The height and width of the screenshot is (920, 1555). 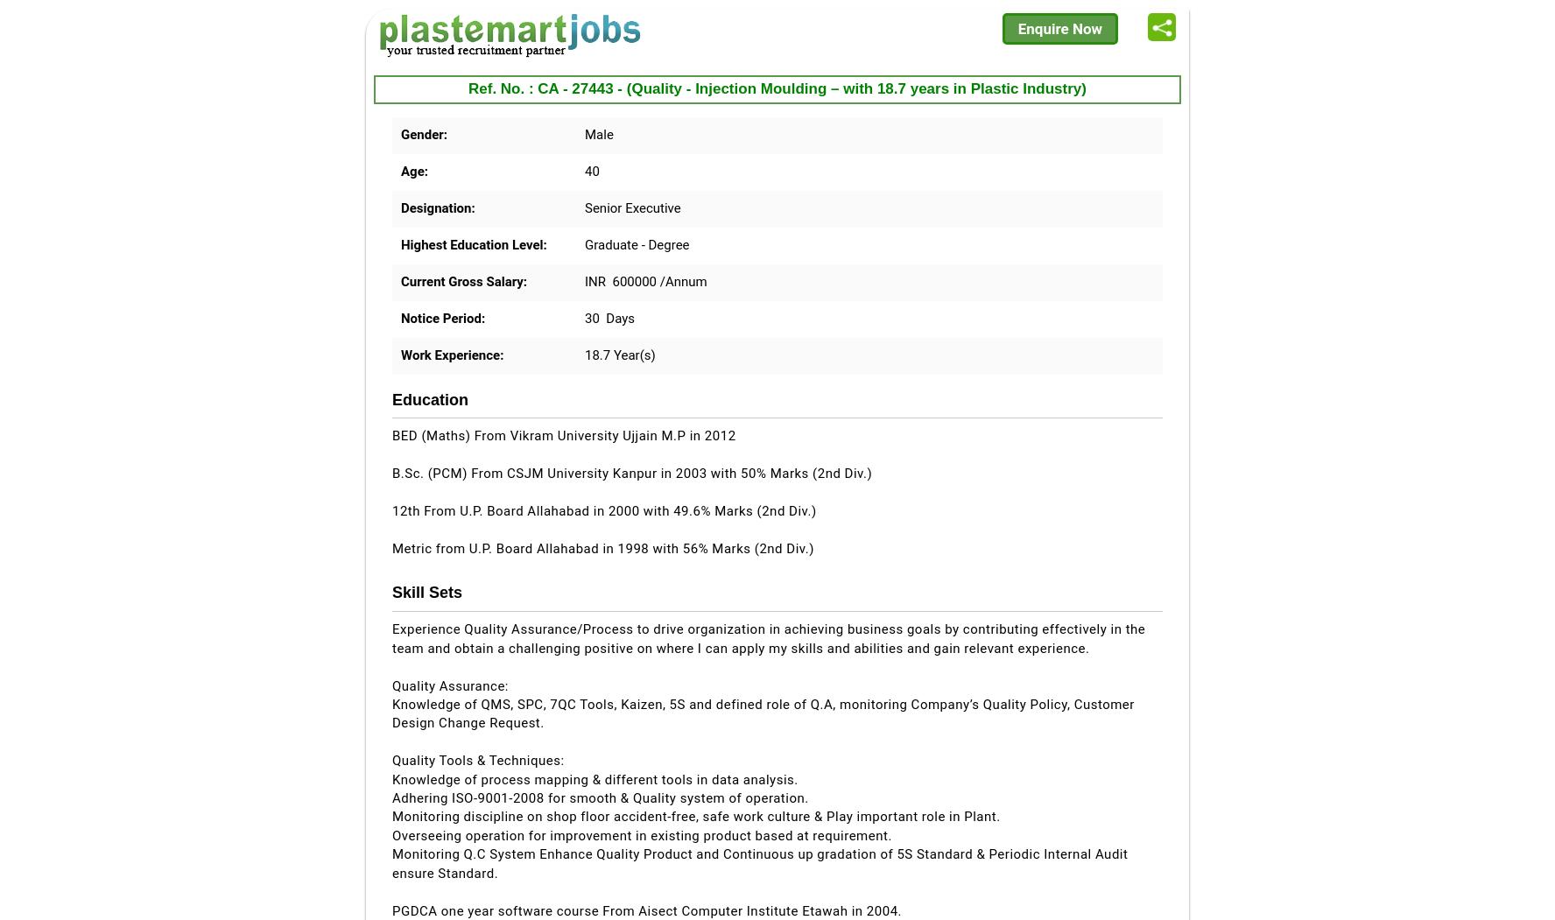 I want to click on 'BED (Maths) From Vikram University Ujjain M.P in 2012', so click(x=562, y=435).